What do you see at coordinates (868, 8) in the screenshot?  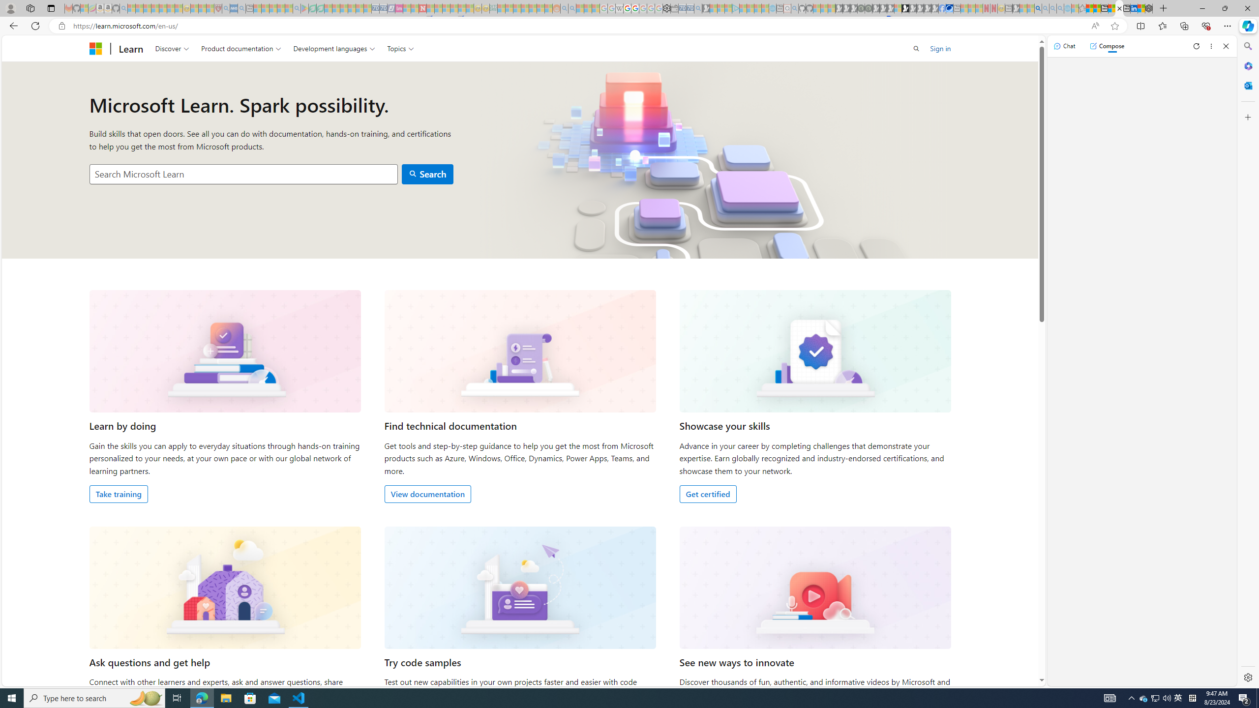 I see `'Future Focus Report 2024 - Sleeping'` at bounding box center [868, 8].